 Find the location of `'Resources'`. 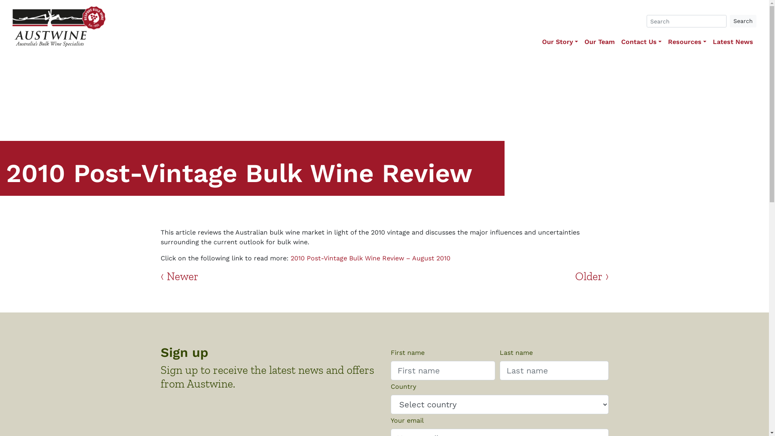

'Resources' is located at coordinates (664, 42).